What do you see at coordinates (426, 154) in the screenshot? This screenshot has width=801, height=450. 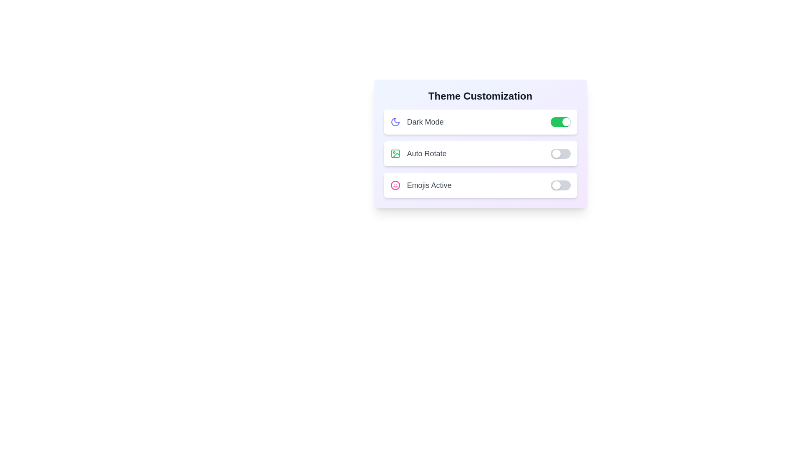 I see `the 'Auto Rotate' text label, which is gray, medium weight, and larger font size, located below the 'Dark Mode' option in the 'Theme Customization' box` at bounding box center [426, 154].